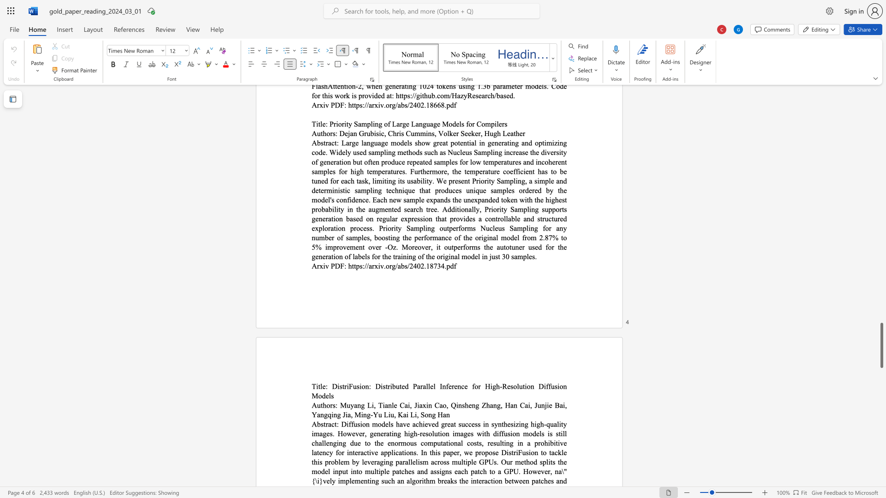  What do you see at coordinates (881, 171) in the screenshot?
I see `the scrollbar` at bounding box center [881, 171].